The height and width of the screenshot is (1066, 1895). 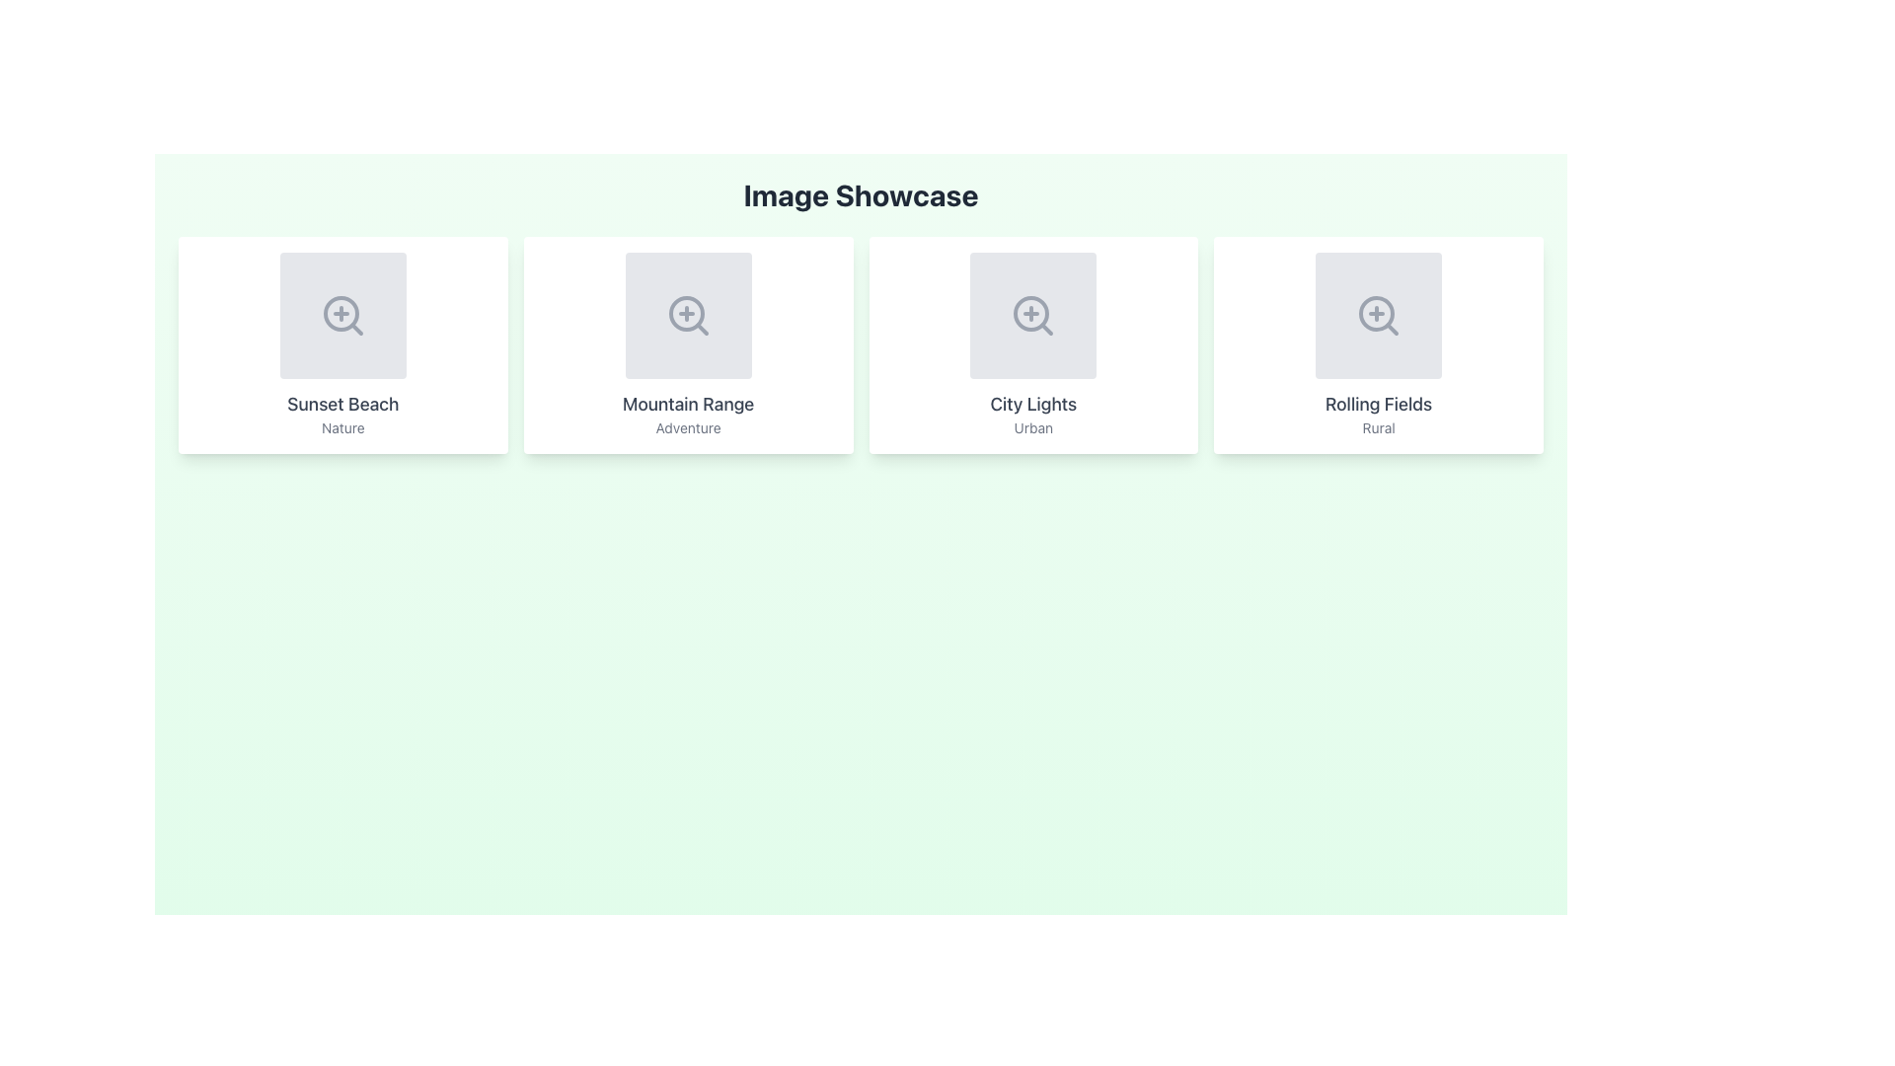 What do you see at coordinates (686, 312) in the screenshot?
I see `the circle element within the SVG graphic that represents the centerpiece of the magnifying glass icon, located in the second card of the grid layout` at bounding box center [686, 312].